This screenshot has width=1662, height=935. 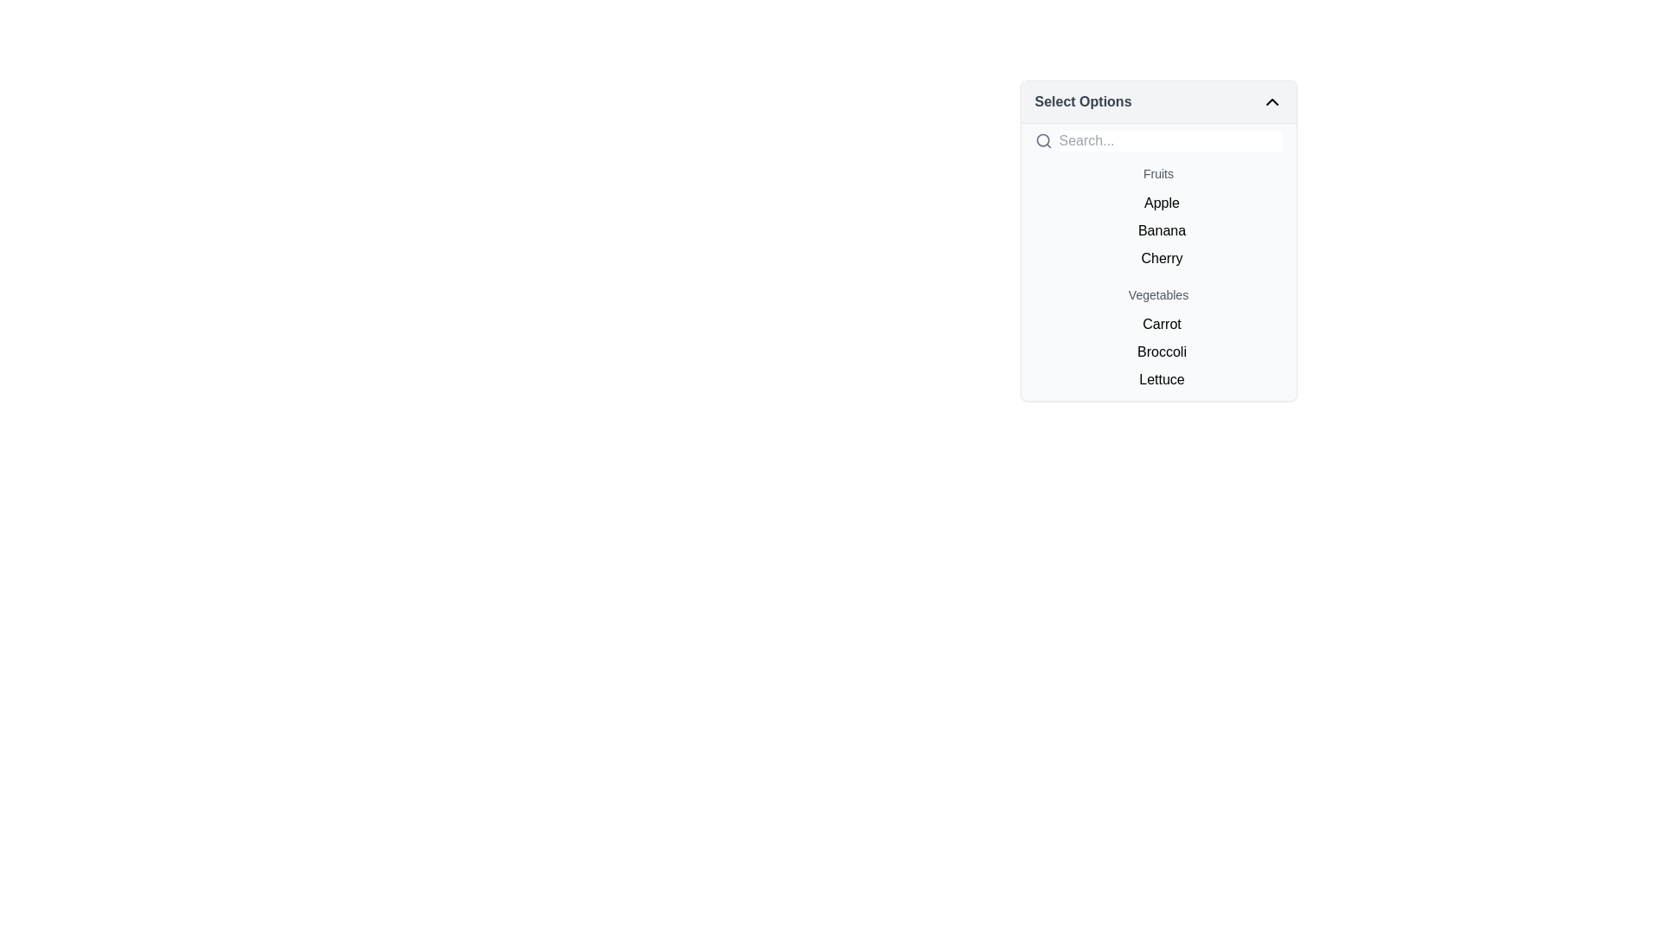 What do you see at coordinates (1158, 340) in the screenshot?
I see `individual items in the vegetable list located in the dropdown menu under the 'Select Options' heading, specifically the second section below 'Fruits'` at bounding box center [1158, 340].